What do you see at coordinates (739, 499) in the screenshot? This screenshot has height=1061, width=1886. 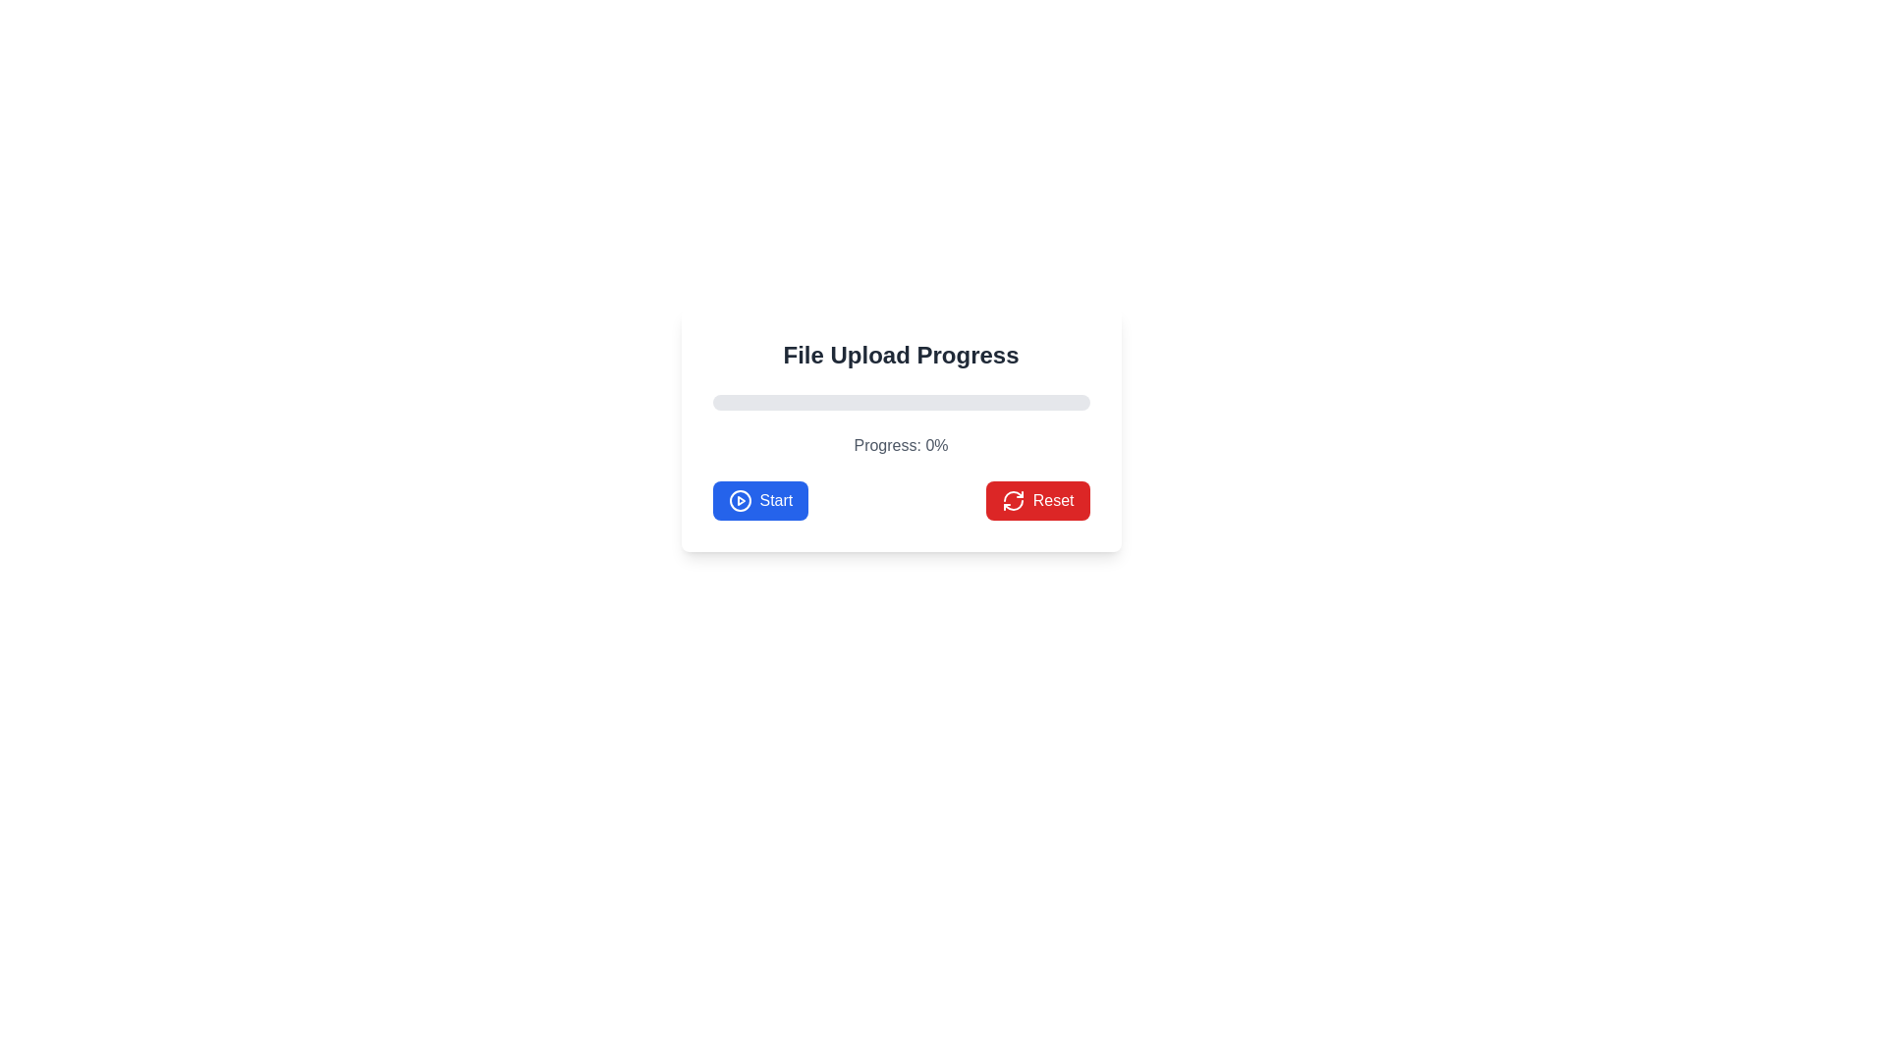 I see `the circular part of the blue button labeled 'Start' located in the bottom left section of the 'File Upload Progress' panel to initiate the upload process` at bounding box center [739, 499].